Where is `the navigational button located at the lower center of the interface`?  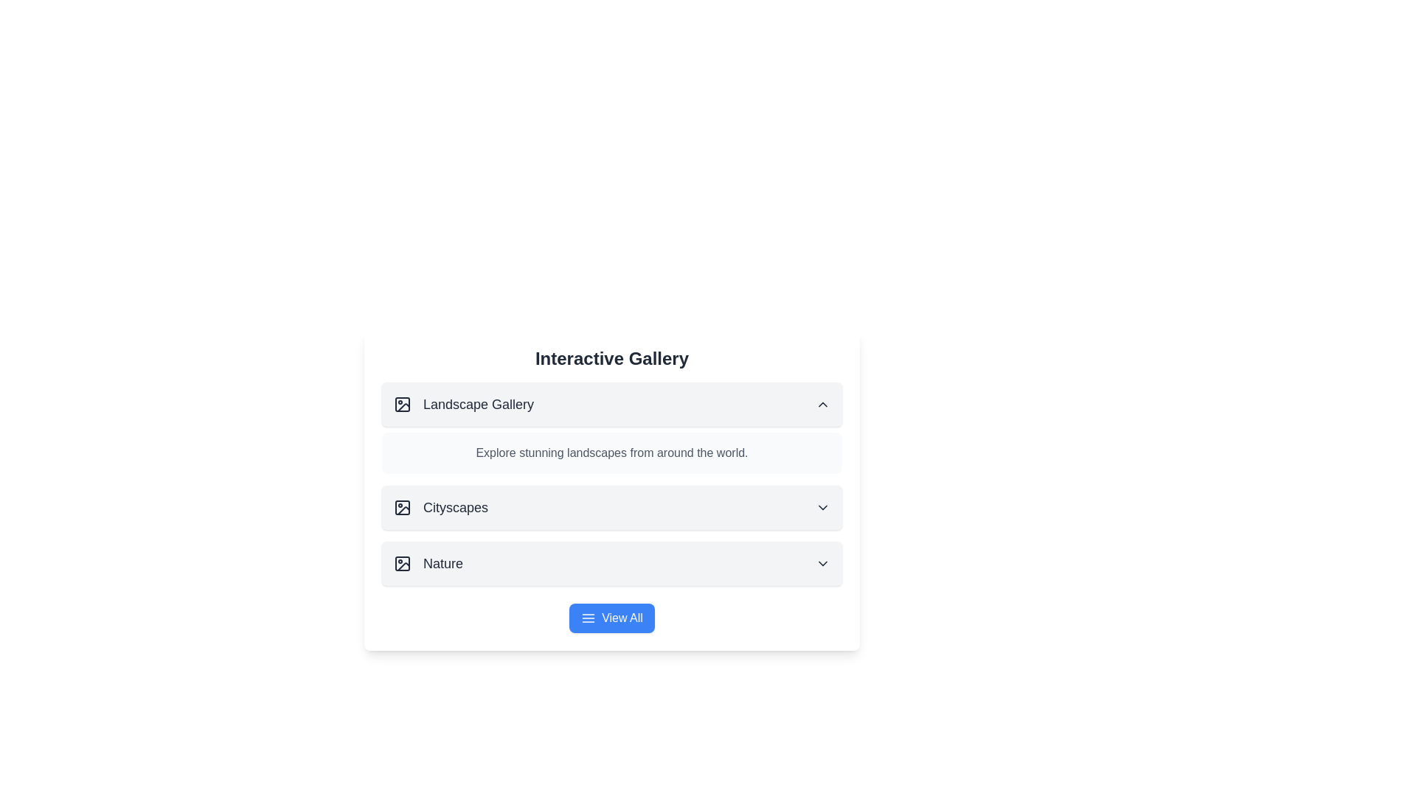
the navigational button located at the lower center of the interface is located at coordinates (612, 618).